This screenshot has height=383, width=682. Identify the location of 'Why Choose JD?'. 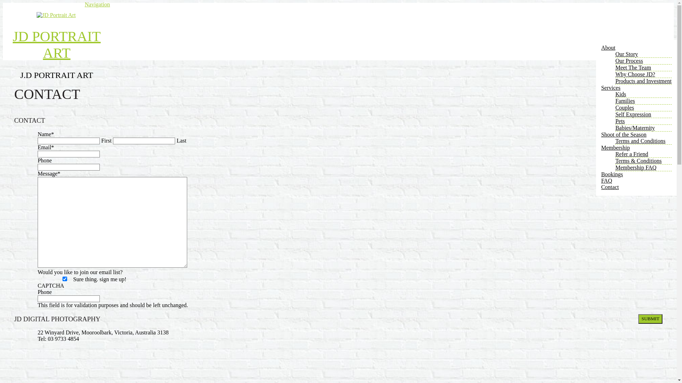
(635, 74).